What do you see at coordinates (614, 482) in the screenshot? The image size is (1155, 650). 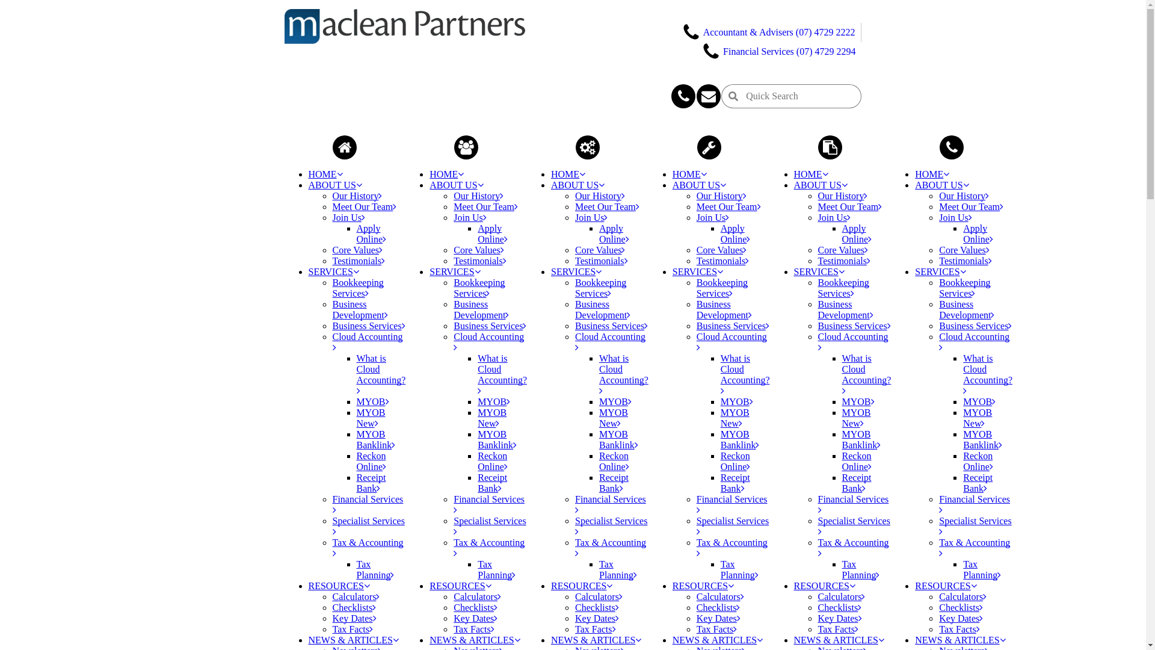 I see `'Receipt Bank'` at bounding box center [614, 482].